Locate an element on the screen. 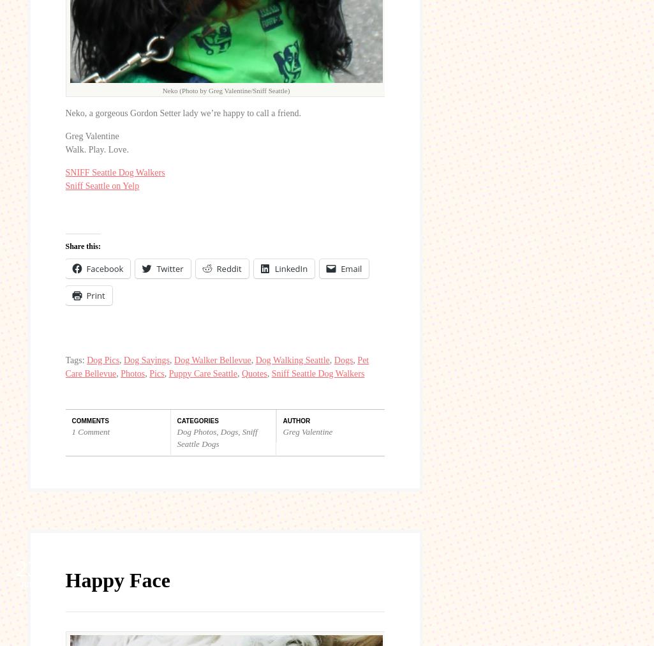 The width and height of the screenshot is (654, 646). 'Walk. Play. Love.' is located at coordinates (96, 149).